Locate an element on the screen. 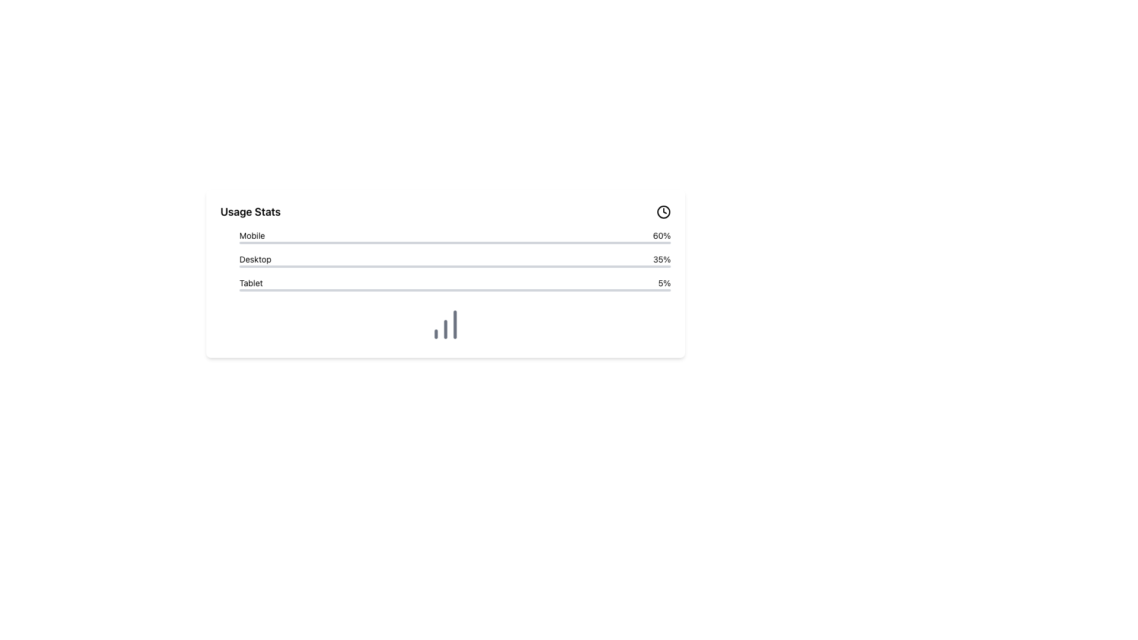 Image resolution: width=1138 pixels, height=640 pixels. the progress bar segment that indicates a proportion or percentage within the full-width gray horizontal bar located under the 'Tablet' label is located at coordinates (250, 290).